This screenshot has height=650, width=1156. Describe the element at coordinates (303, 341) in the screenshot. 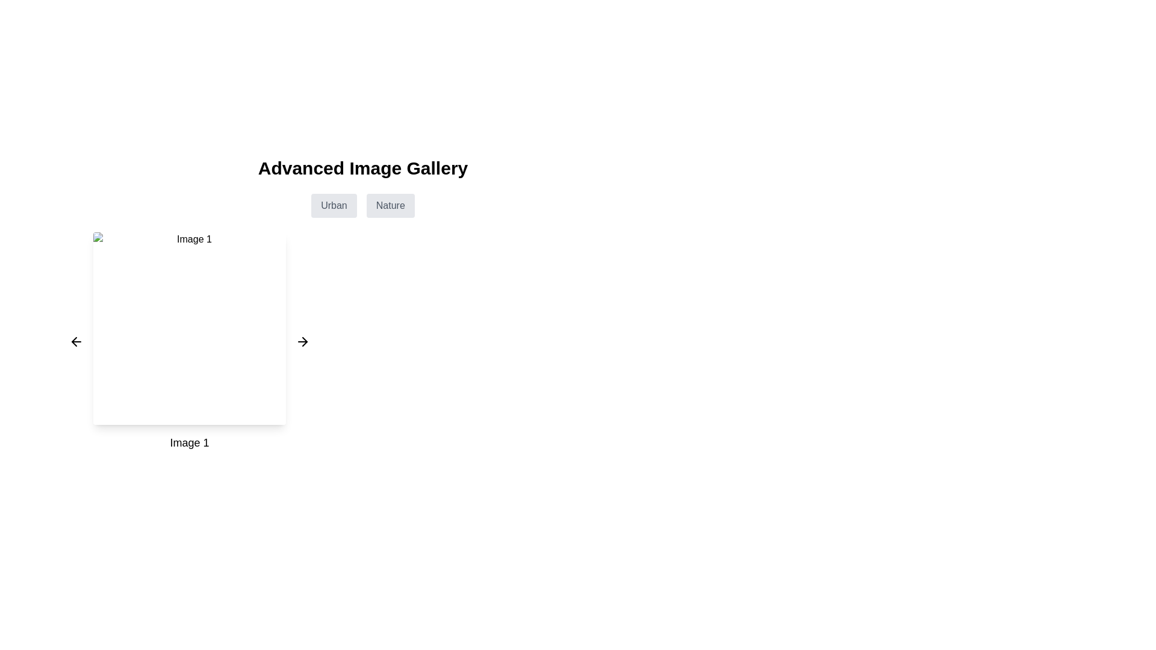

I see `the right-facing arrow icon button located to the right of 'Image 1'` at that location.